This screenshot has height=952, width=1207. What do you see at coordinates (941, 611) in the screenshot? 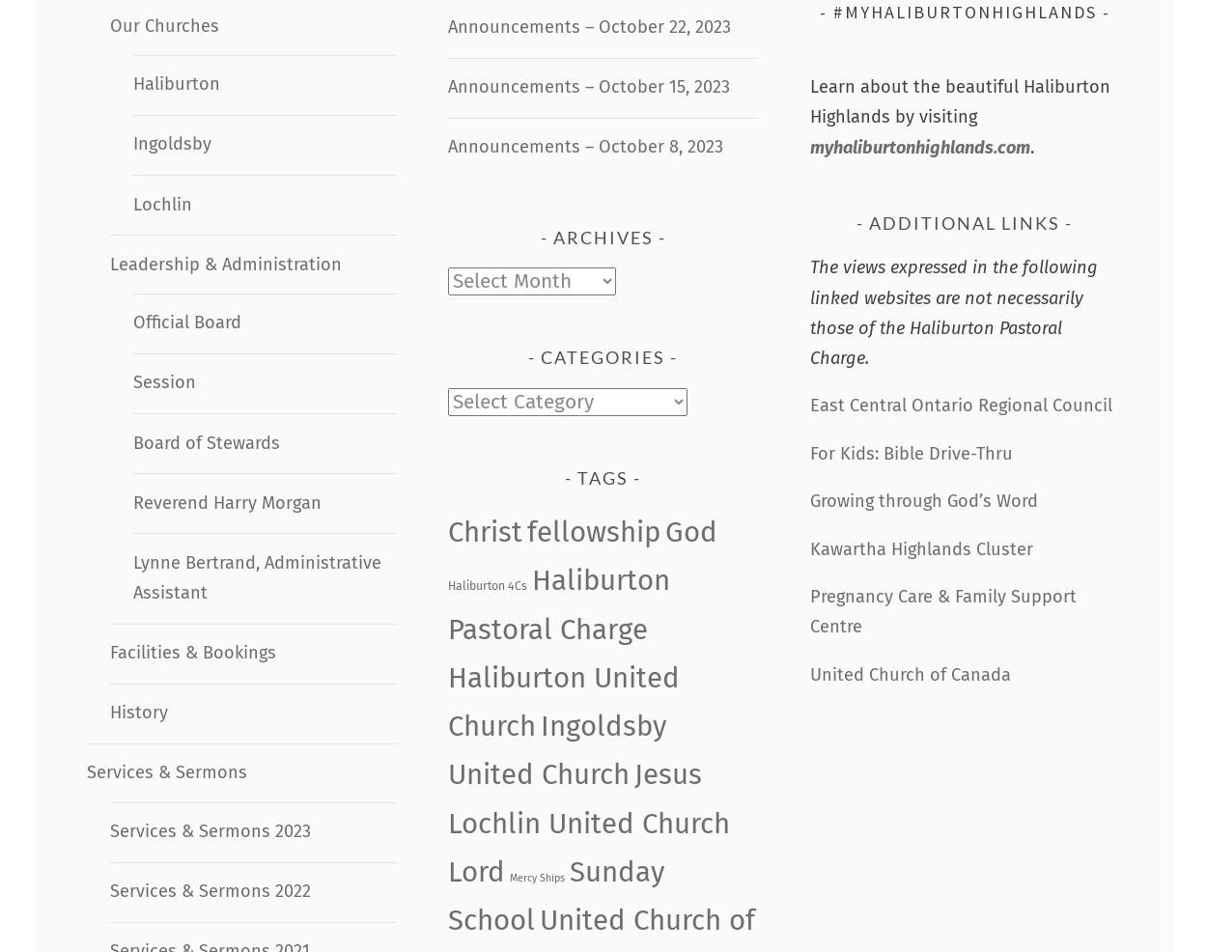
I see `'Pregnancy Care & Family Support Centre'` at bounding box center [941, 611].